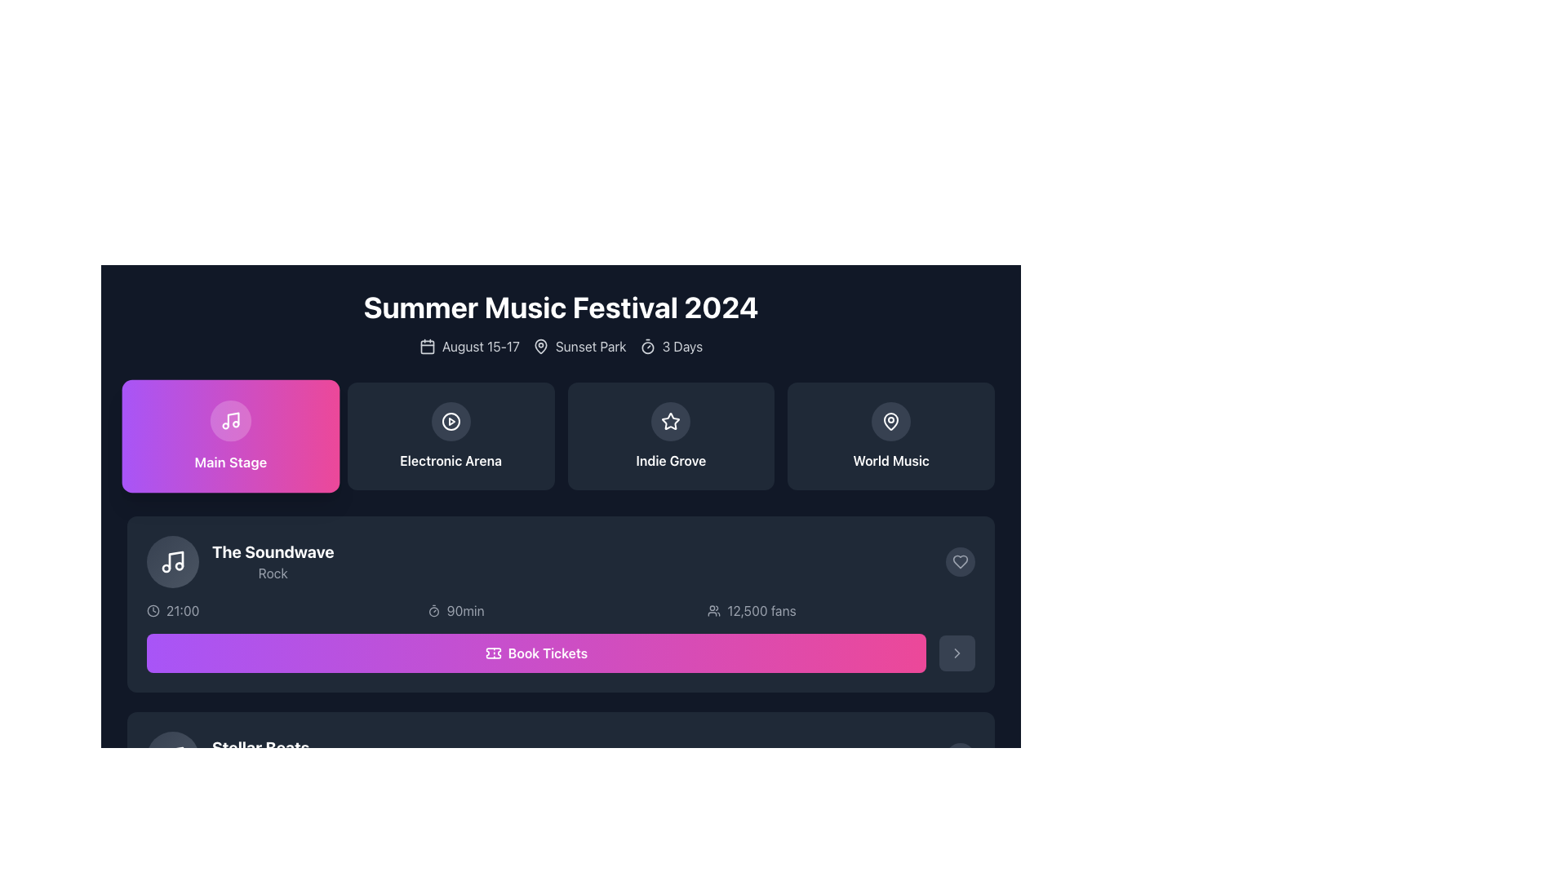  I want to click on the text label displaying 'World Music' which is styled in bold white font against a dark background, located in the bottom portion of a rectangular UI block to the far right, below a map pin icon, so click(890, 460).